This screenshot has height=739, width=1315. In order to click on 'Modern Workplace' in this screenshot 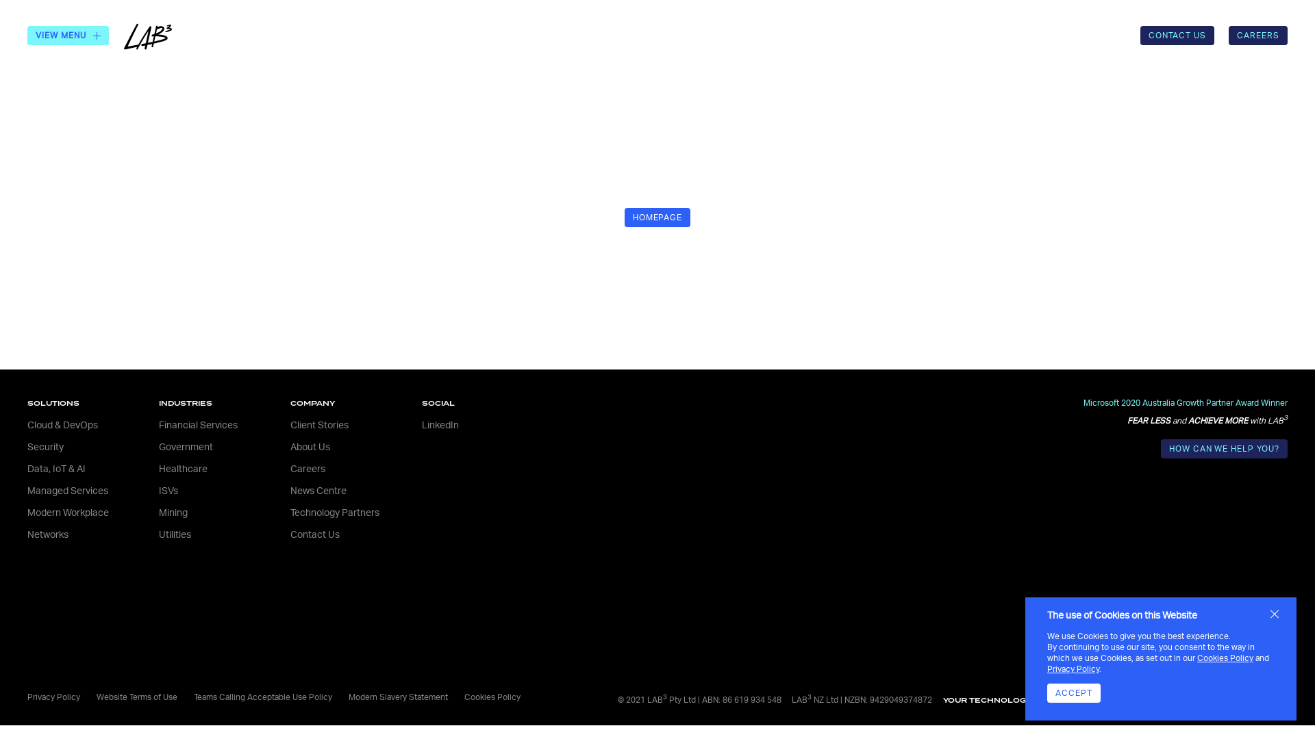, I will do `click(67, 513)`.